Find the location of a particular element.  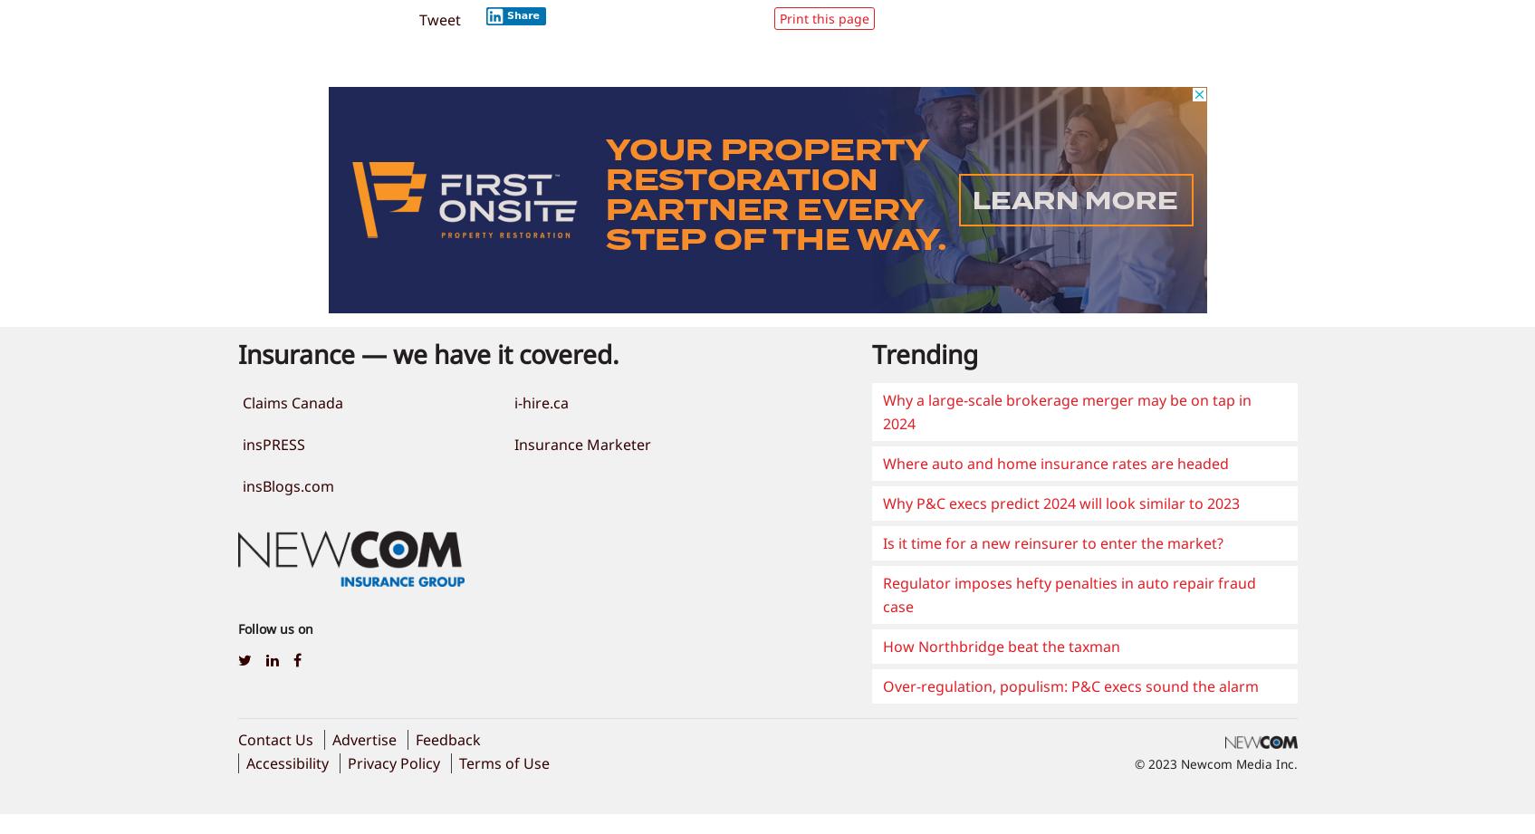

'Insurance Marketer' is located at coordinates (580, 442).